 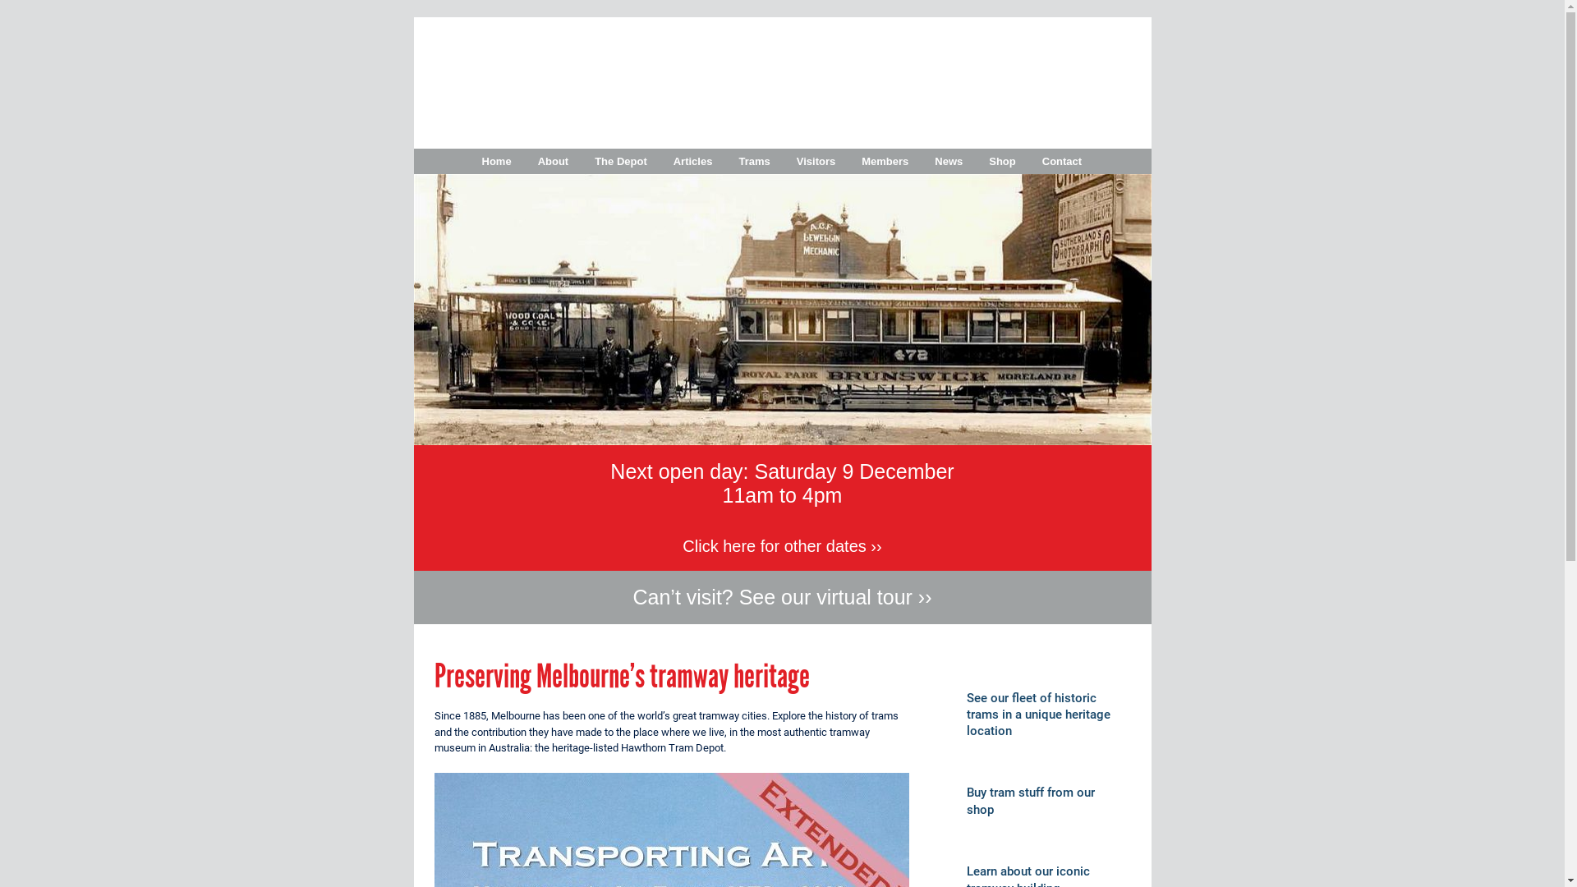 What do you see at coordinates (495, 161) in the screenshot?
I see `'Home'` at bounding box center [495, 161].